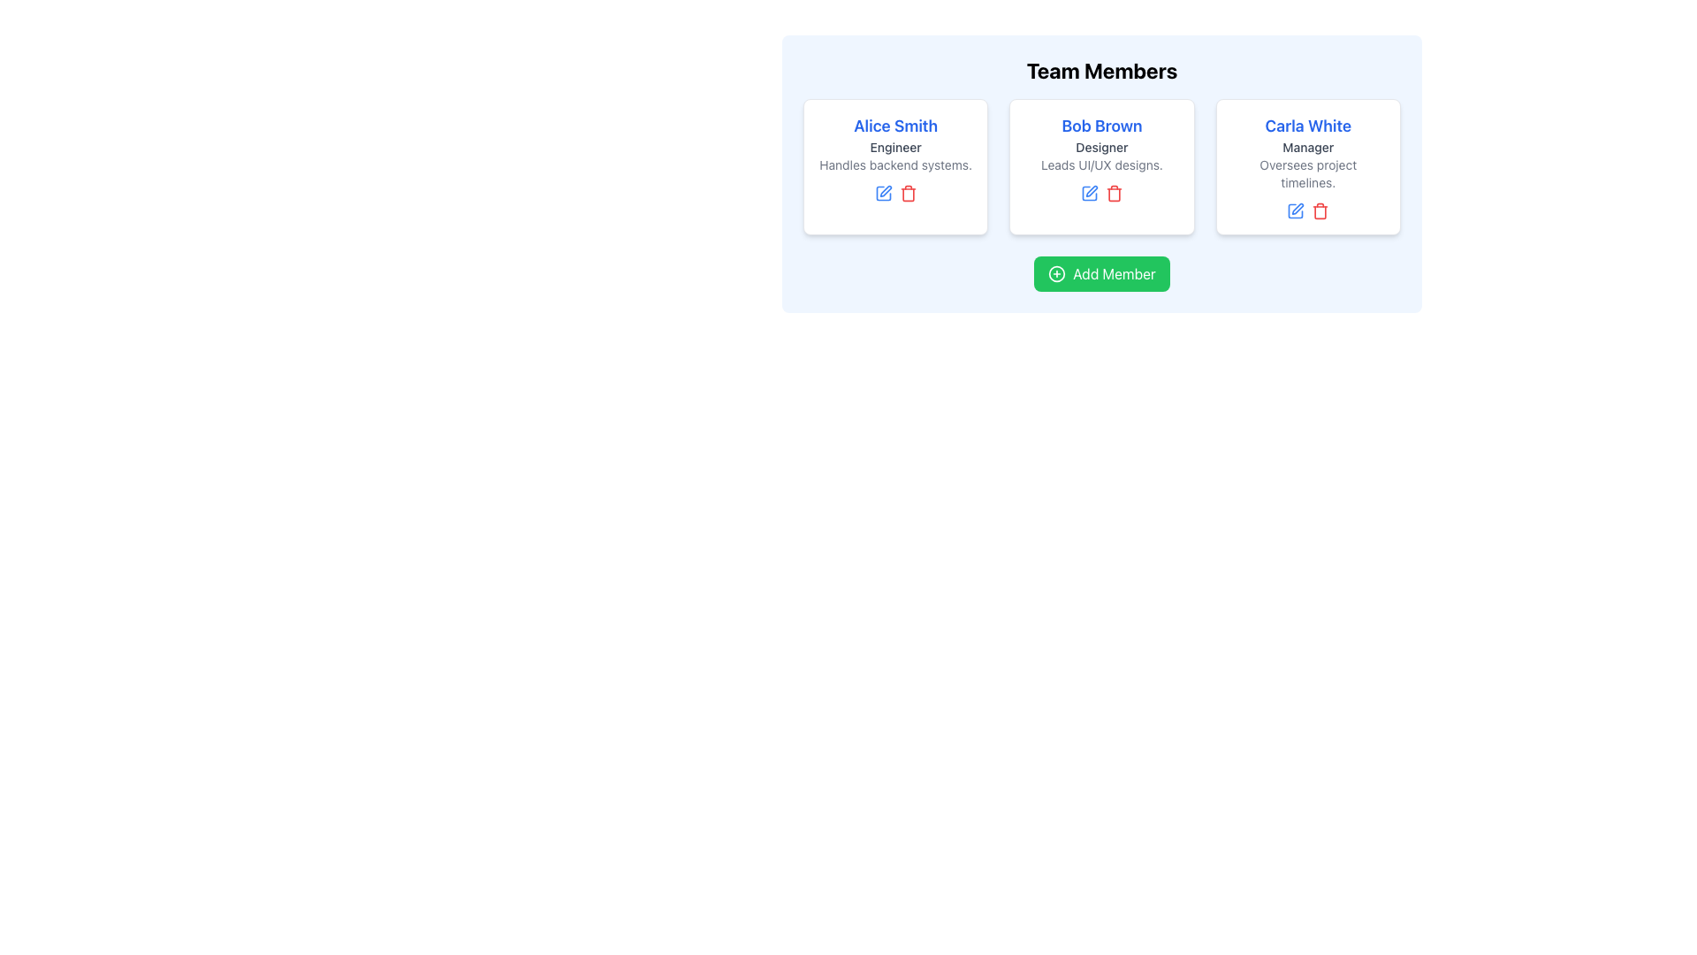 This screenshot has width=1697, height=955. I want to click on the text label displaying the name 'Bob Brown' at the top of the card, so click(1101, 125).